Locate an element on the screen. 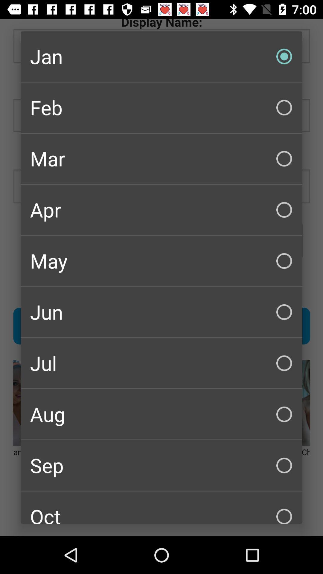 The height and width of the screenshot is (574, 323). item above the jul is located at coordinates (161, 312).